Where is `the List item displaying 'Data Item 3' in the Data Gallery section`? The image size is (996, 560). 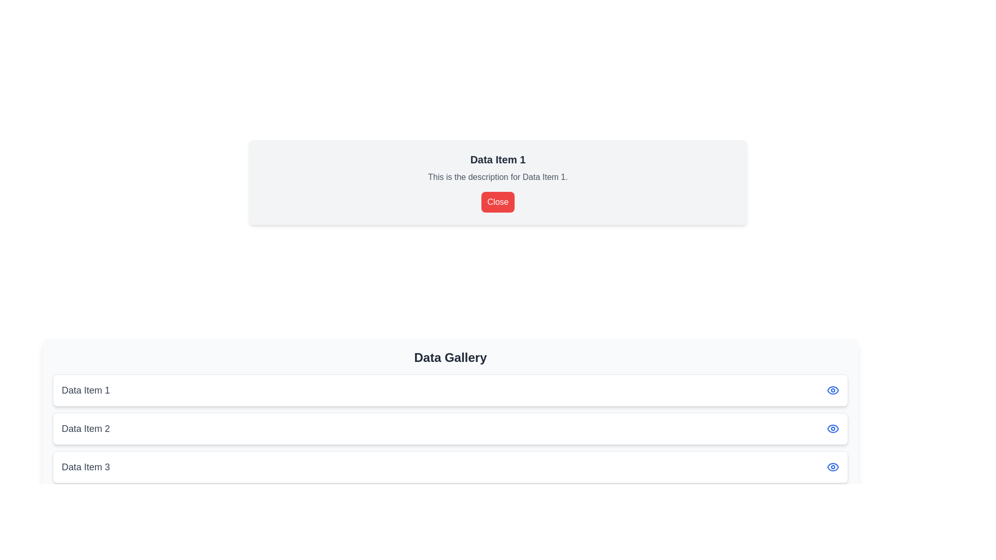
the List item displaying 'Data Item 3' in the Data Gallery section is located at coordinates (450, 467).